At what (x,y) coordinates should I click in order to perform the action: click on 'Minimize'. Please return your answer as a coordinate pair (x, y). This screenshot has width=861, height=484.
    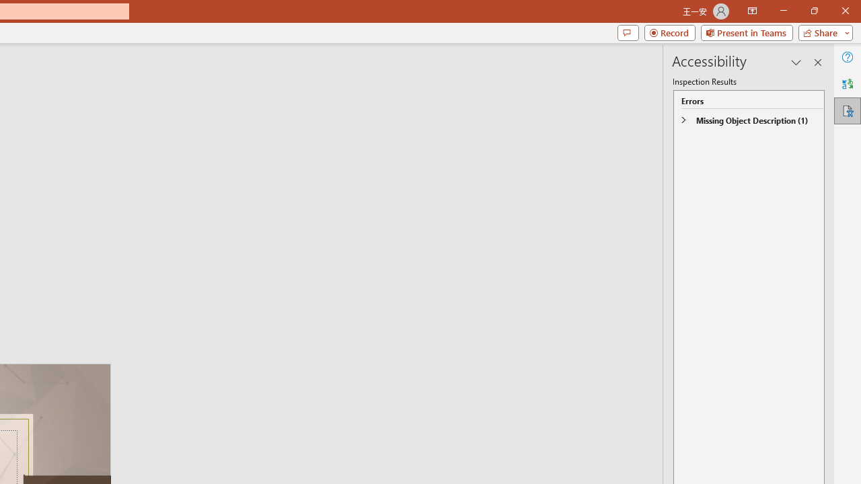
    Looking at the image, I should click on (783, 11).